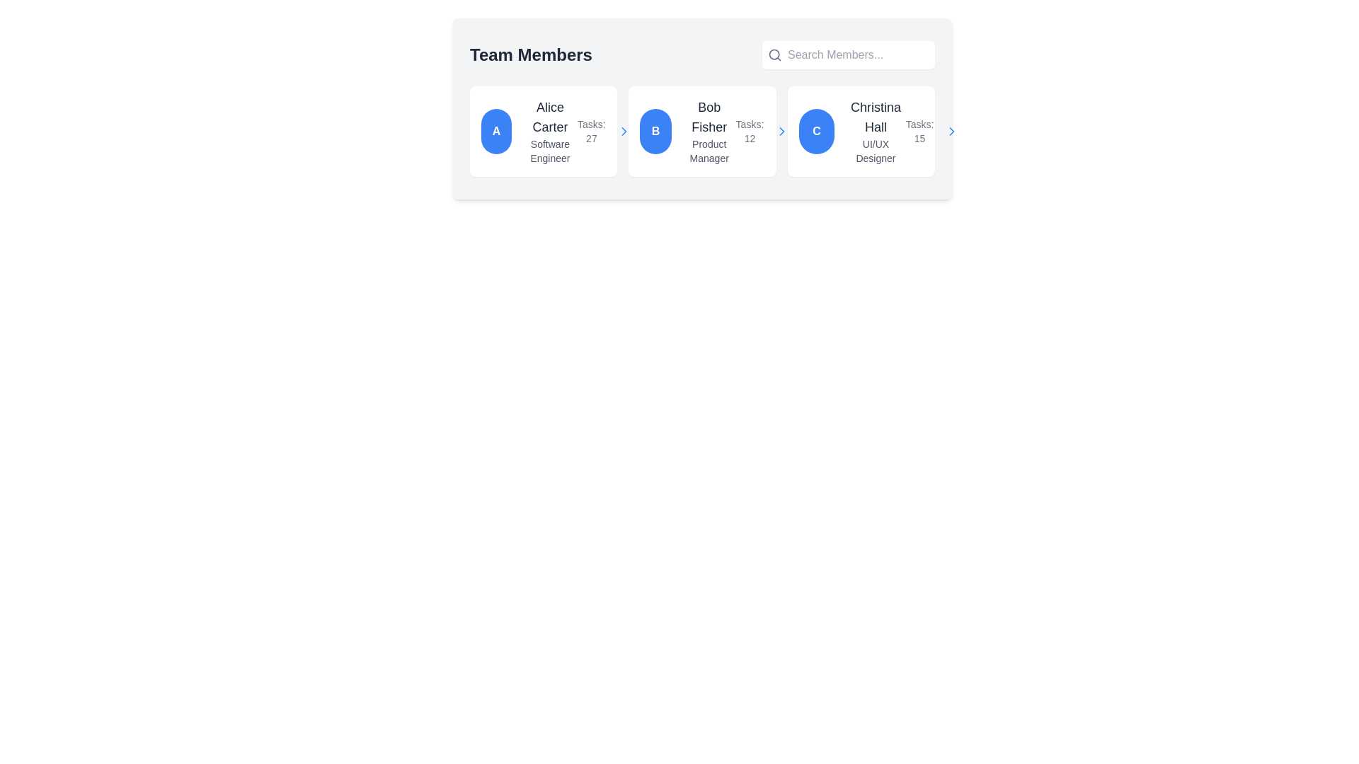 This screenshot has width=1359, height=764. I want to click on the 'Product Manager' text label indicating Bob Fisher's job title, which is positioned centrally in the second profile card of the 'Team Members' interface, so click(709, 151).